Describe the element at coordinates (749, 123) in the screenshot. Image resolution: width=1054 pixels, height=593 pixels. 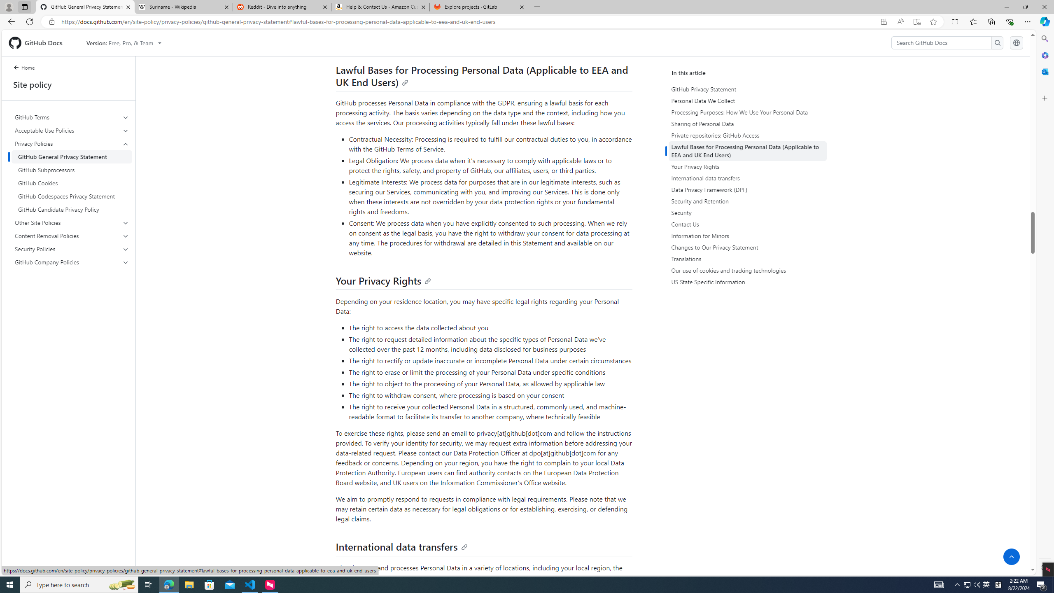
I see `'Sharing of Personal Data'` at that location.